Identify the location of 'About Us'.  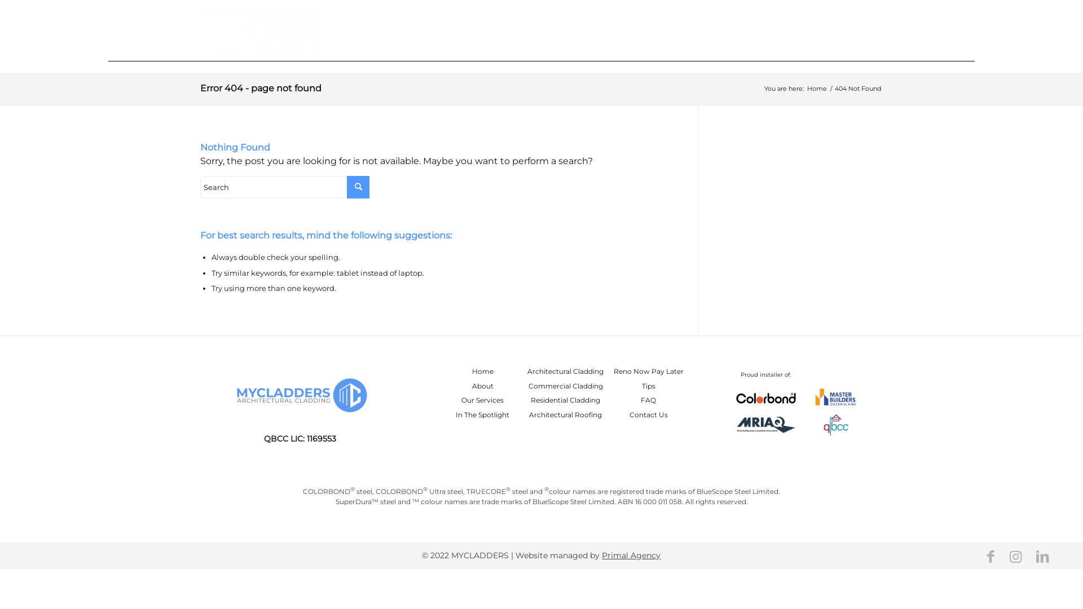
(634, 33).